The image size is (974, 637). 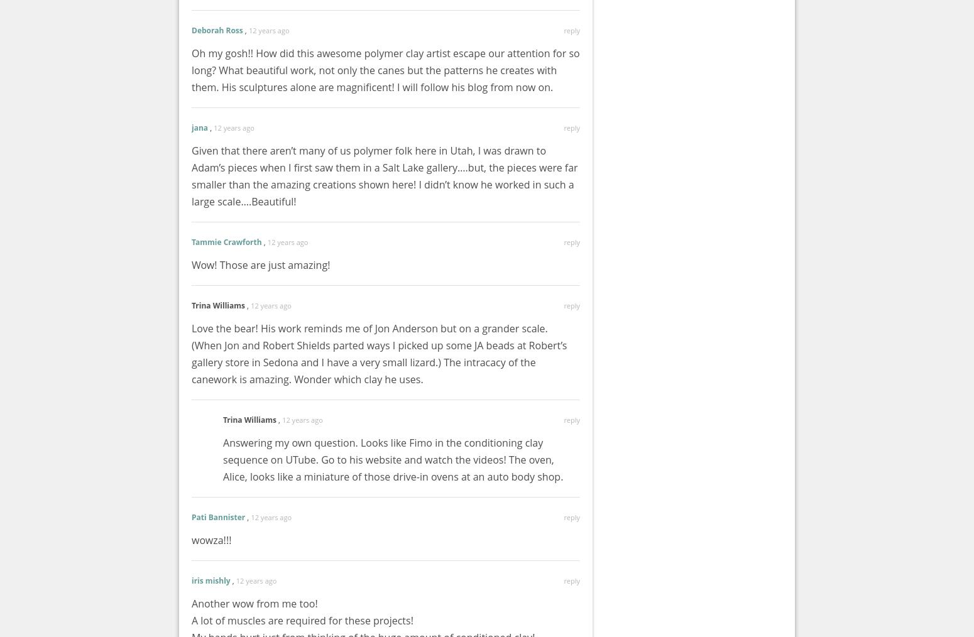 What do you see at coordinates (192, 127) in the screenshot?
I see `'jana'` at bounding box center [192, 127].